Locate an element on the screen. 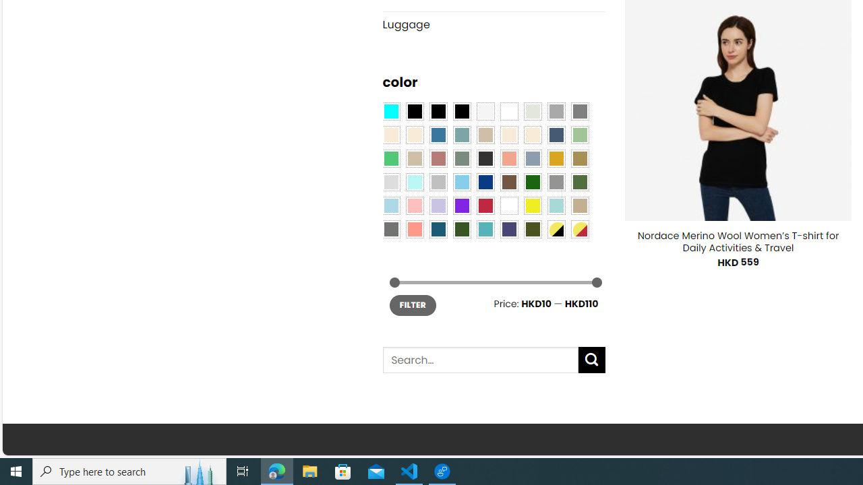 The height and width of the screenshot is (485, 863). 'Blue Sage' is located at coordinates (461, 135).